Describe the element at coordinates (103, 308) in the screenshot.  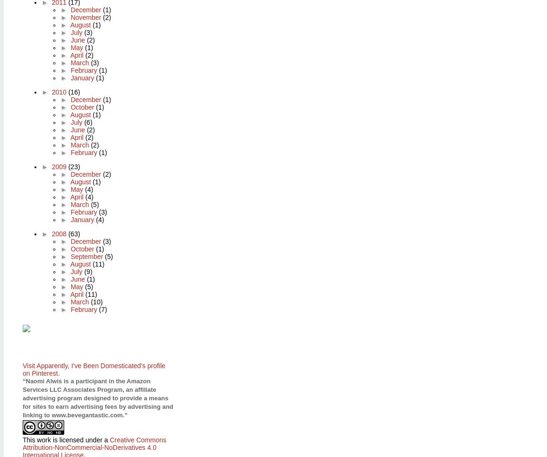
I see `'(7)'` at that location.